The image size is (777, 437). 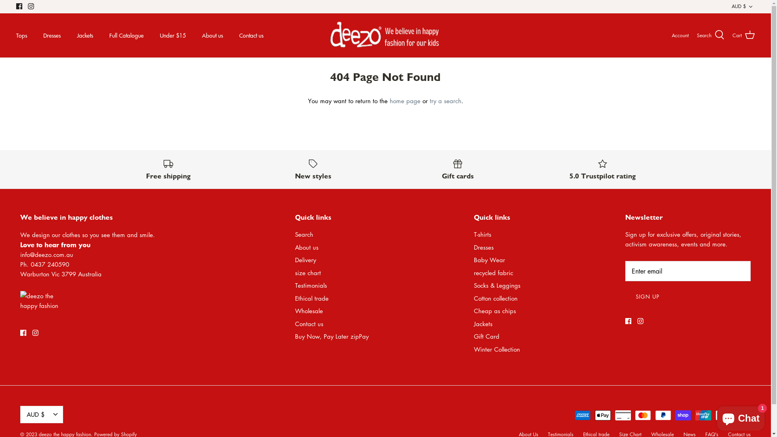 I want to click on 'Winter Collection', so click(x=497, y=349).